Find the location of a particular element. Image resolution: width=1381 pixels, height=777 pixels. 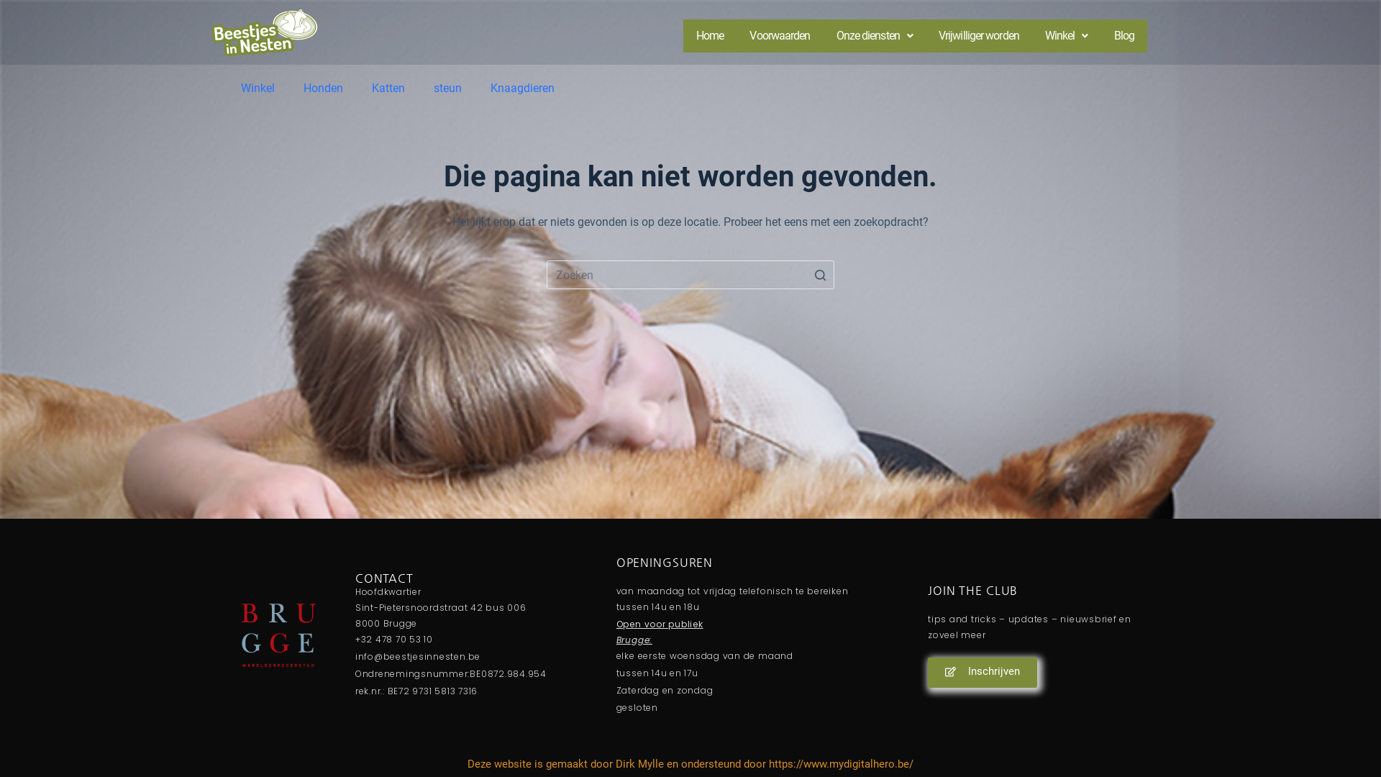

'Vrijwilliger worden' is located at coordinates (925, 35).